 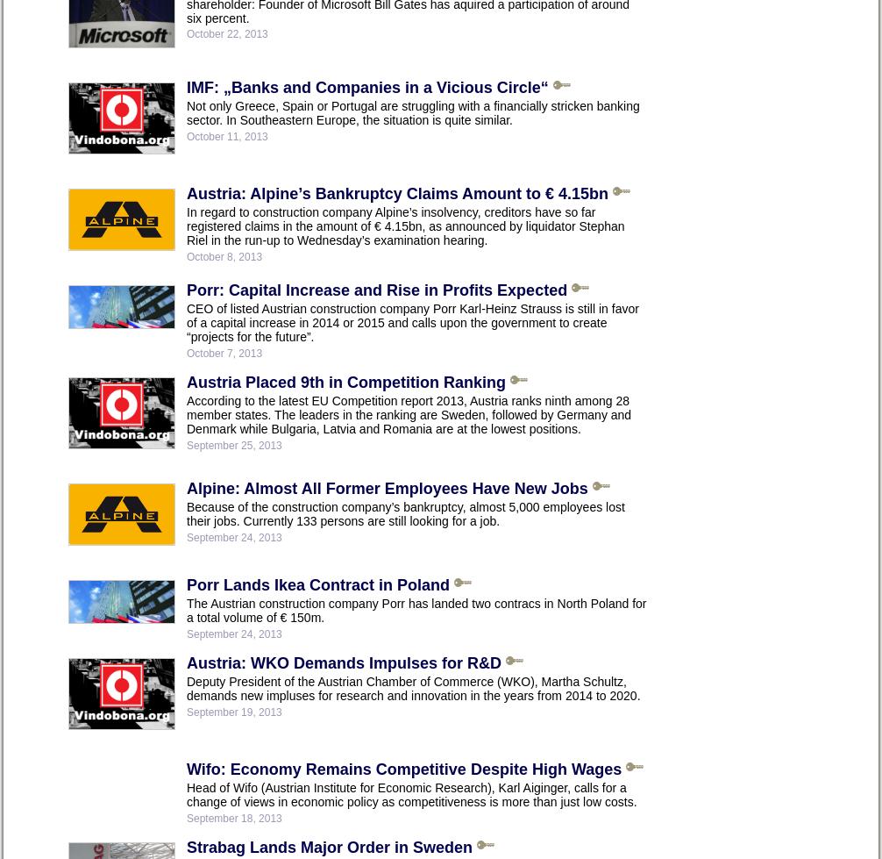 I want to click on 'The Austrian construction company Porr has landed two contracs in North Poland for a total volume of € 150m.', so click(x=416, y=609).